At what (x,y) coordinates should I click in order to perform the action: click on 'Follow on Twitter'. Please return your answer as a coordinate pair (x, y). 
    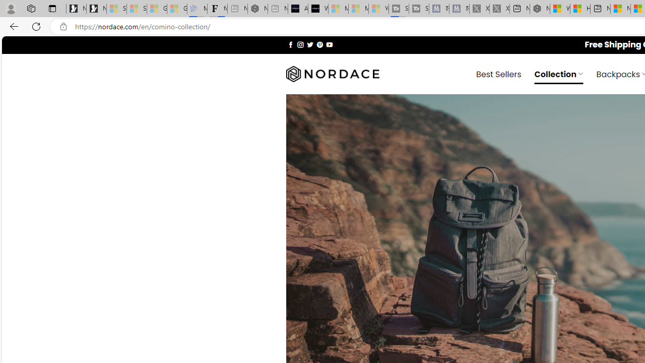
    Looking at the image, I should click on (309, 44).